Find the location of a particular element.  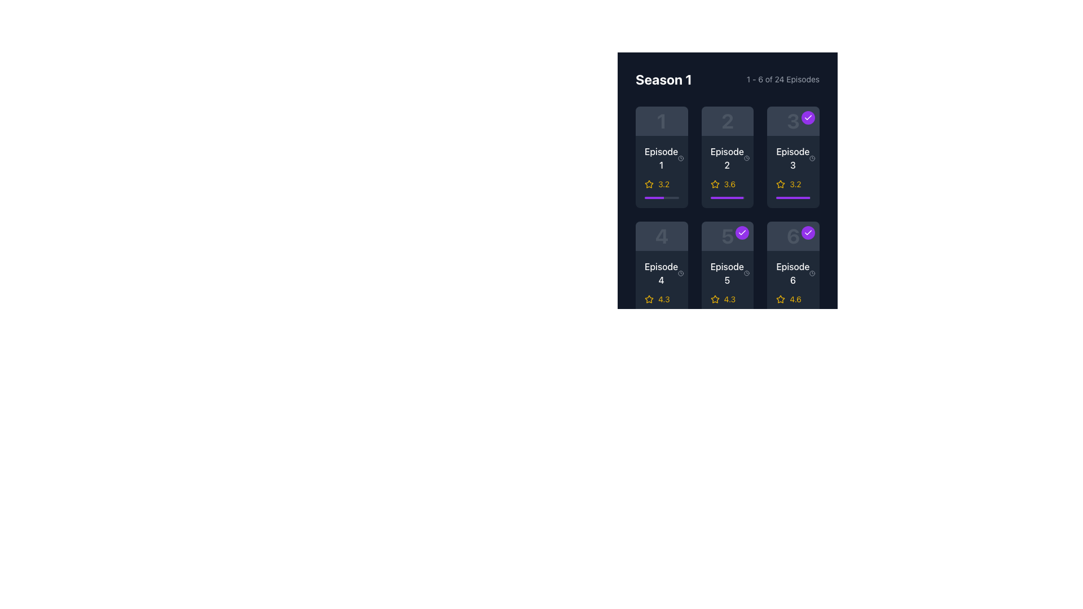

the label displaying the rating or score for 'Episode 3', which is located in the first row and third column of the episode grid, next to a yellow star icon is located at coordinates (795, 184).